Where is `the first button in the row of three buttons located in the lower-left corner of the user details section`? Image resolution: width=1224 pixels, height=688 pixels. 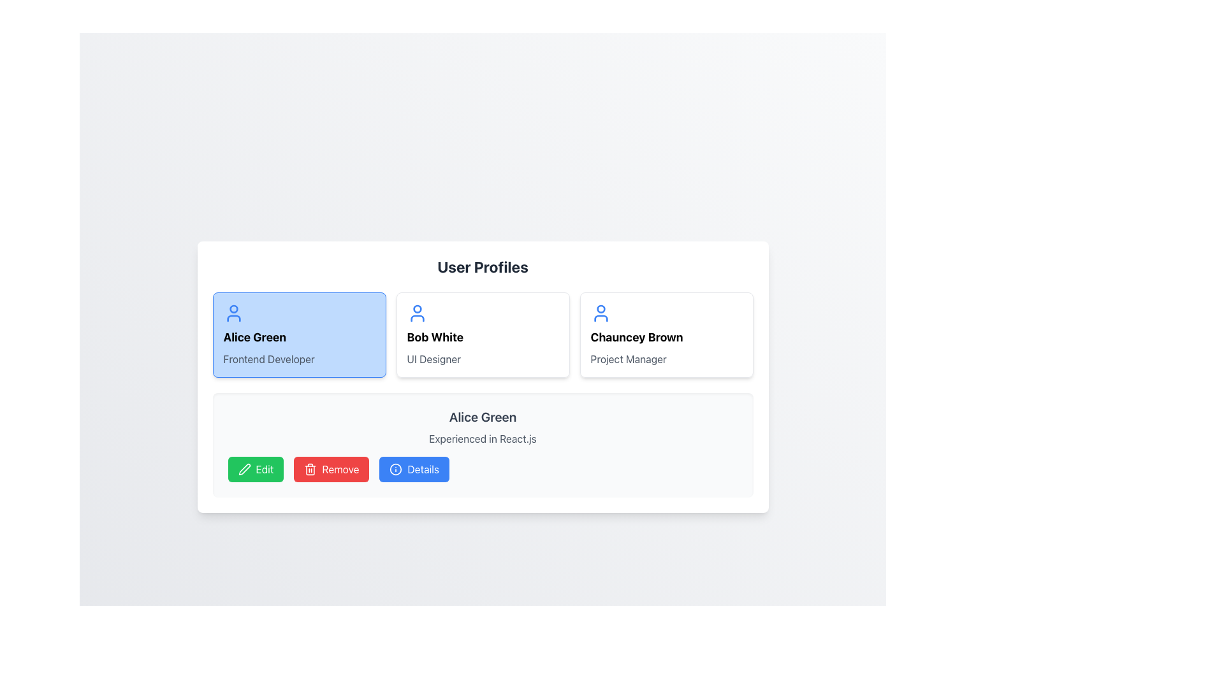 the first button in the row of three buttons located in the lower-left corner of the user details section is located at coordinates (255, 469).